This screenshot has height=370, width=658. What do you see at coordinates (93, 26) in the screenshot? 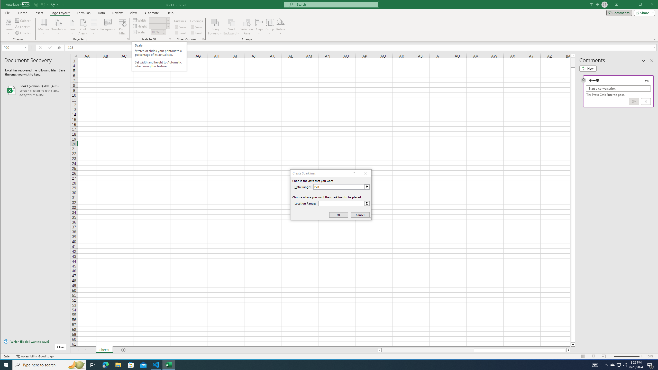
I see `'Breaks'` at bounding box center [93, 26].